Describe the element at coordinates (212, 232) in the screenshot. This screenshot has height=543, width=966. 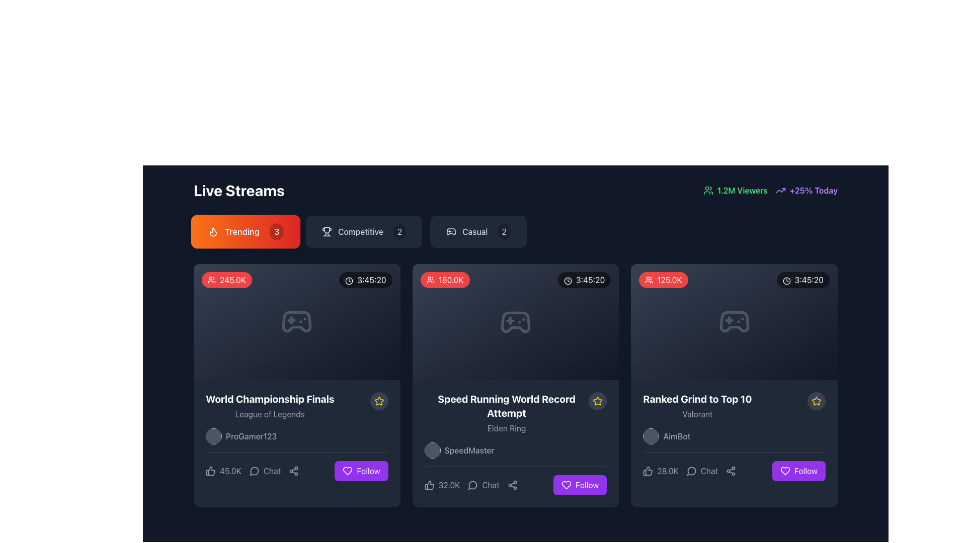
I see `the flame icon, which is part of the 'Trending' button and indicates a highlighted section` at that location.